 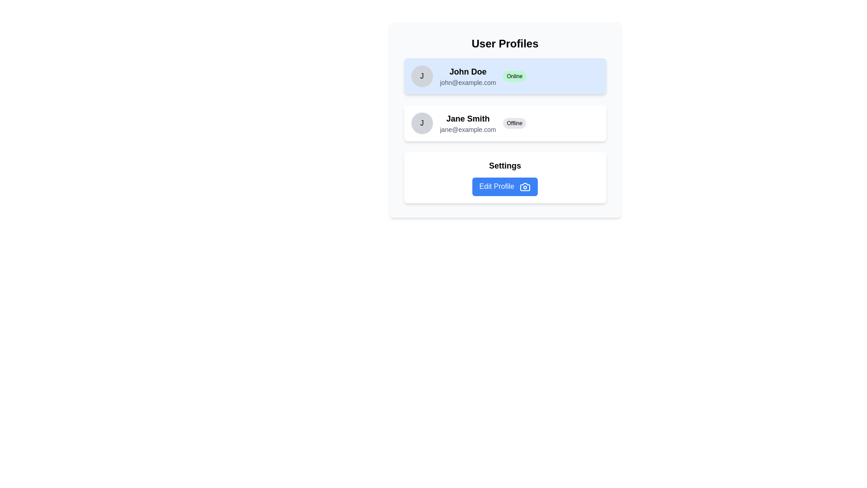 I want to click on the 'Edit Profile' button located in the 'Settings' section, positioned below the 'Settings' label, so click(x=504, y=186).